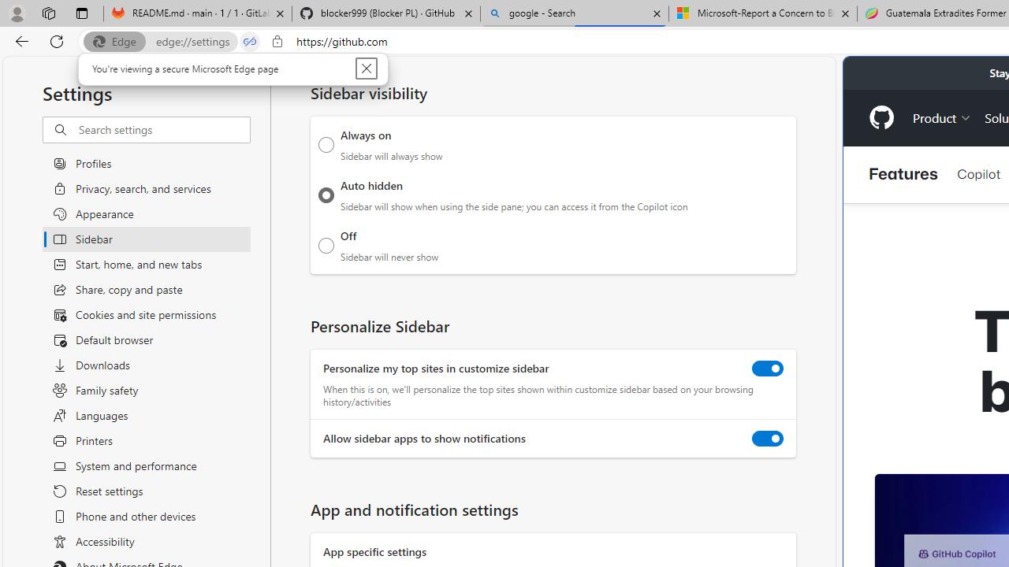  I want to click on 'Allow sidebar apps to show notifications', so click(768, 439).